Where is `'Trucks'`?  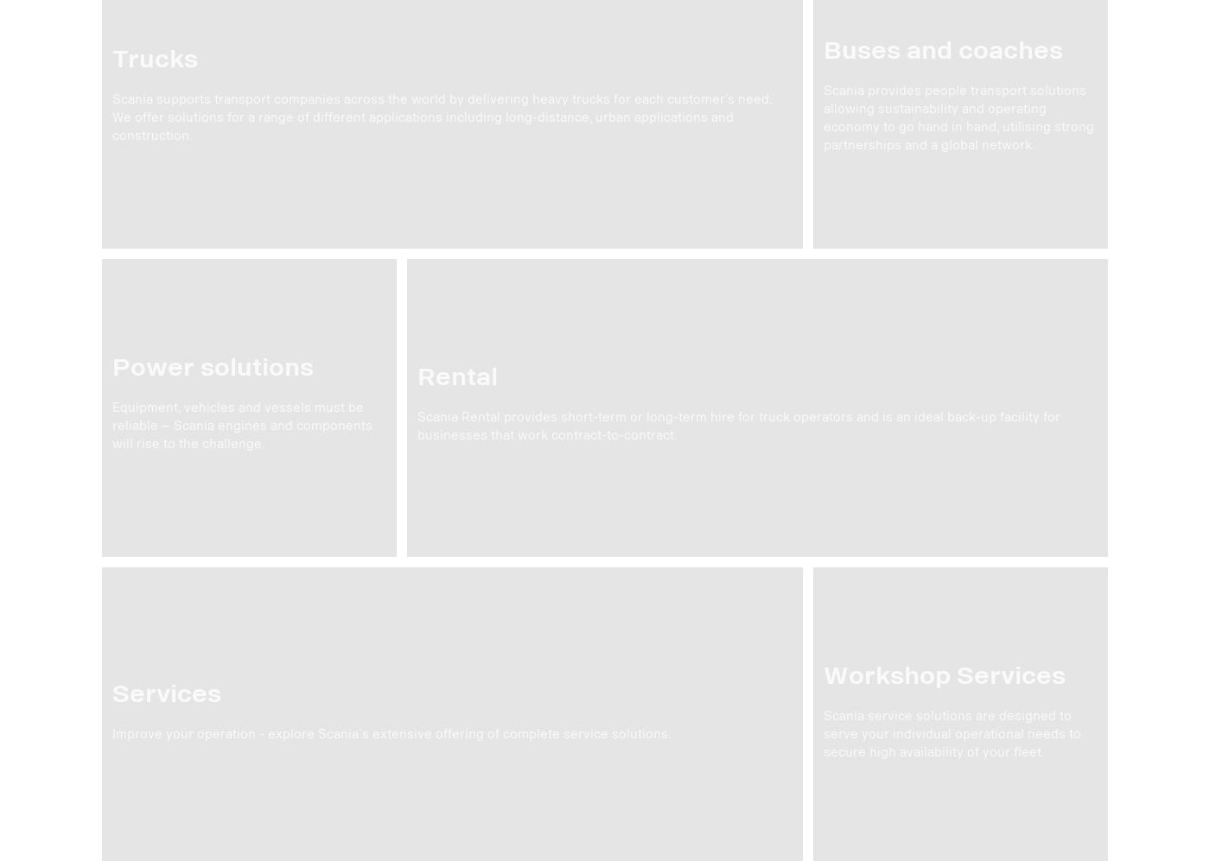 'Trucks' is located at coordinates (155, 58).